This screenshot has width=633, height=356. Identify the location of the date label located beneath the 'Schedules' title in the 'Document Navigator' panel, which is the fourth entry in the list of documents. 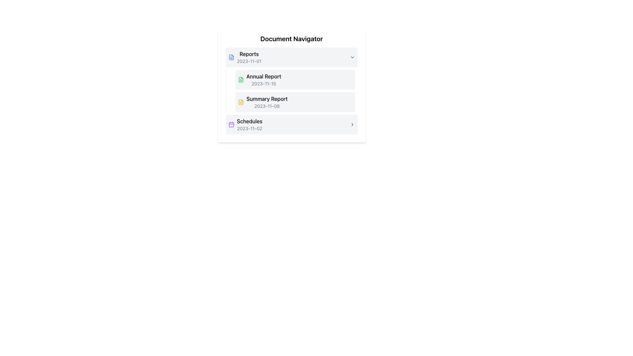
(249, 128).